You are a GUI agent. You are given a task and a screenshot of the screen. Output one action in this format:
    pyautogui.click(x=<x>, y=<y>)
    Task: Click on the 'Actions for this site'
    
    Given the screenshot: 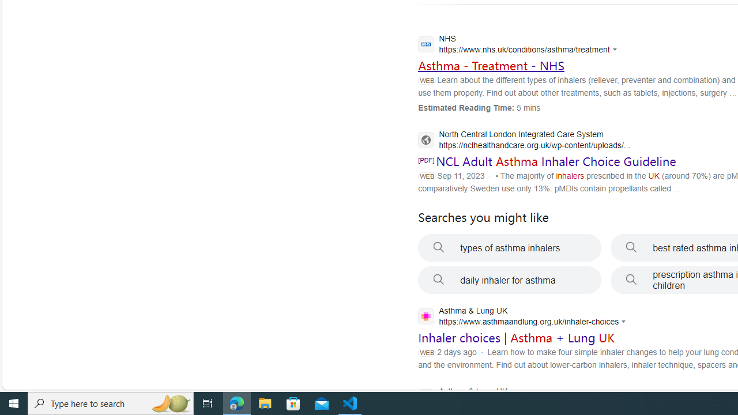 What is the action you would take?
    pyautogui.click(x=624, y=322)
    